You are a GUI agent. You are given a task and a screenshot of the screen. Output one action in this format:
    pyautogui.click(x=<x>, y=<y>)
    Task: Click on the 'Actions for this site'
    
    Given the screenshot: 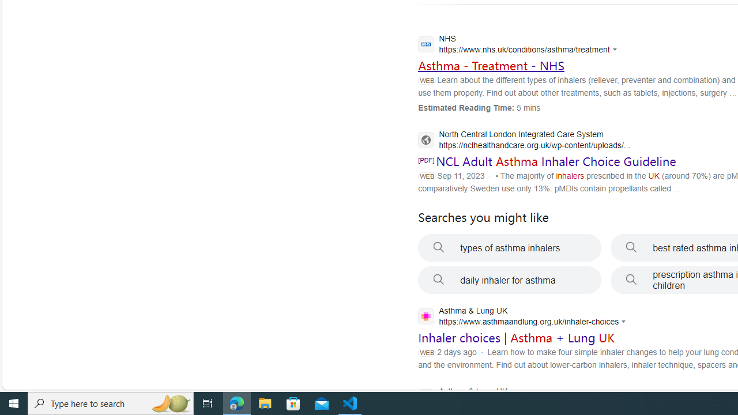 What is the action you would take?
    pyautogui.click(x=624, y=322)
    